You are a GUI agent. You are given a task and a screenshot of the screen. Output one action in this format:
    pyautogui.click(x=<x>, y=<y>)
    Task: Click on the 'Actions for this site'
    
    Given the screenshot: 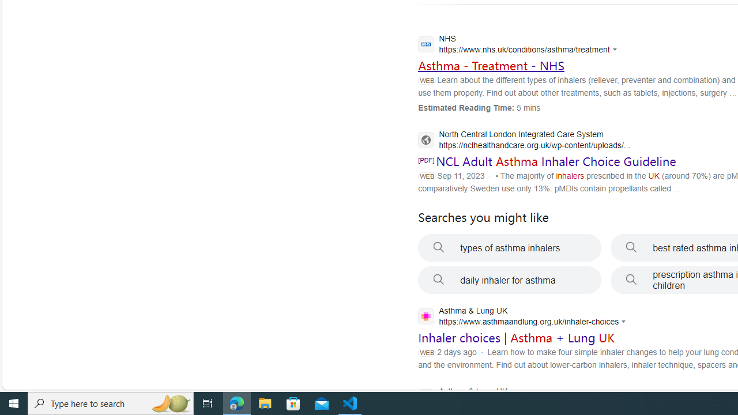 What is the action you would take?
    pyautogui.click(x=624, y=322)
    